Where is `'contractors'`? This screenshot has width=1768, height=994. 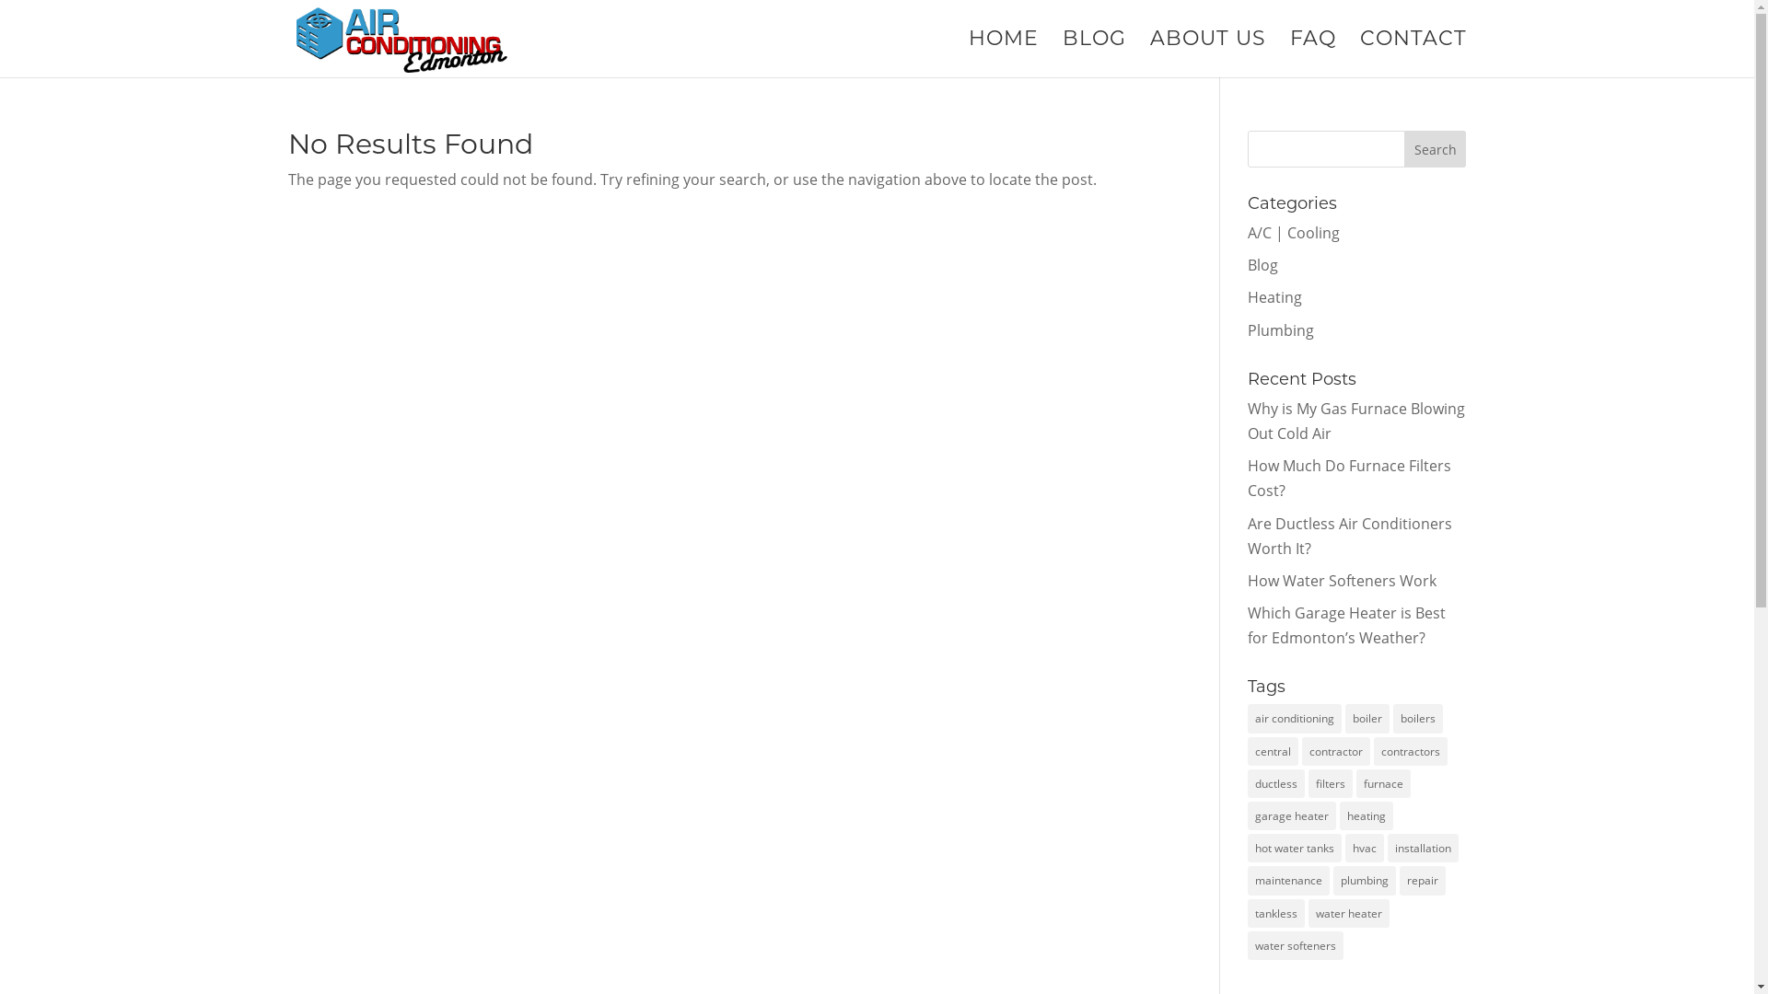
'contractors' is located at coordinates (1409, 751).